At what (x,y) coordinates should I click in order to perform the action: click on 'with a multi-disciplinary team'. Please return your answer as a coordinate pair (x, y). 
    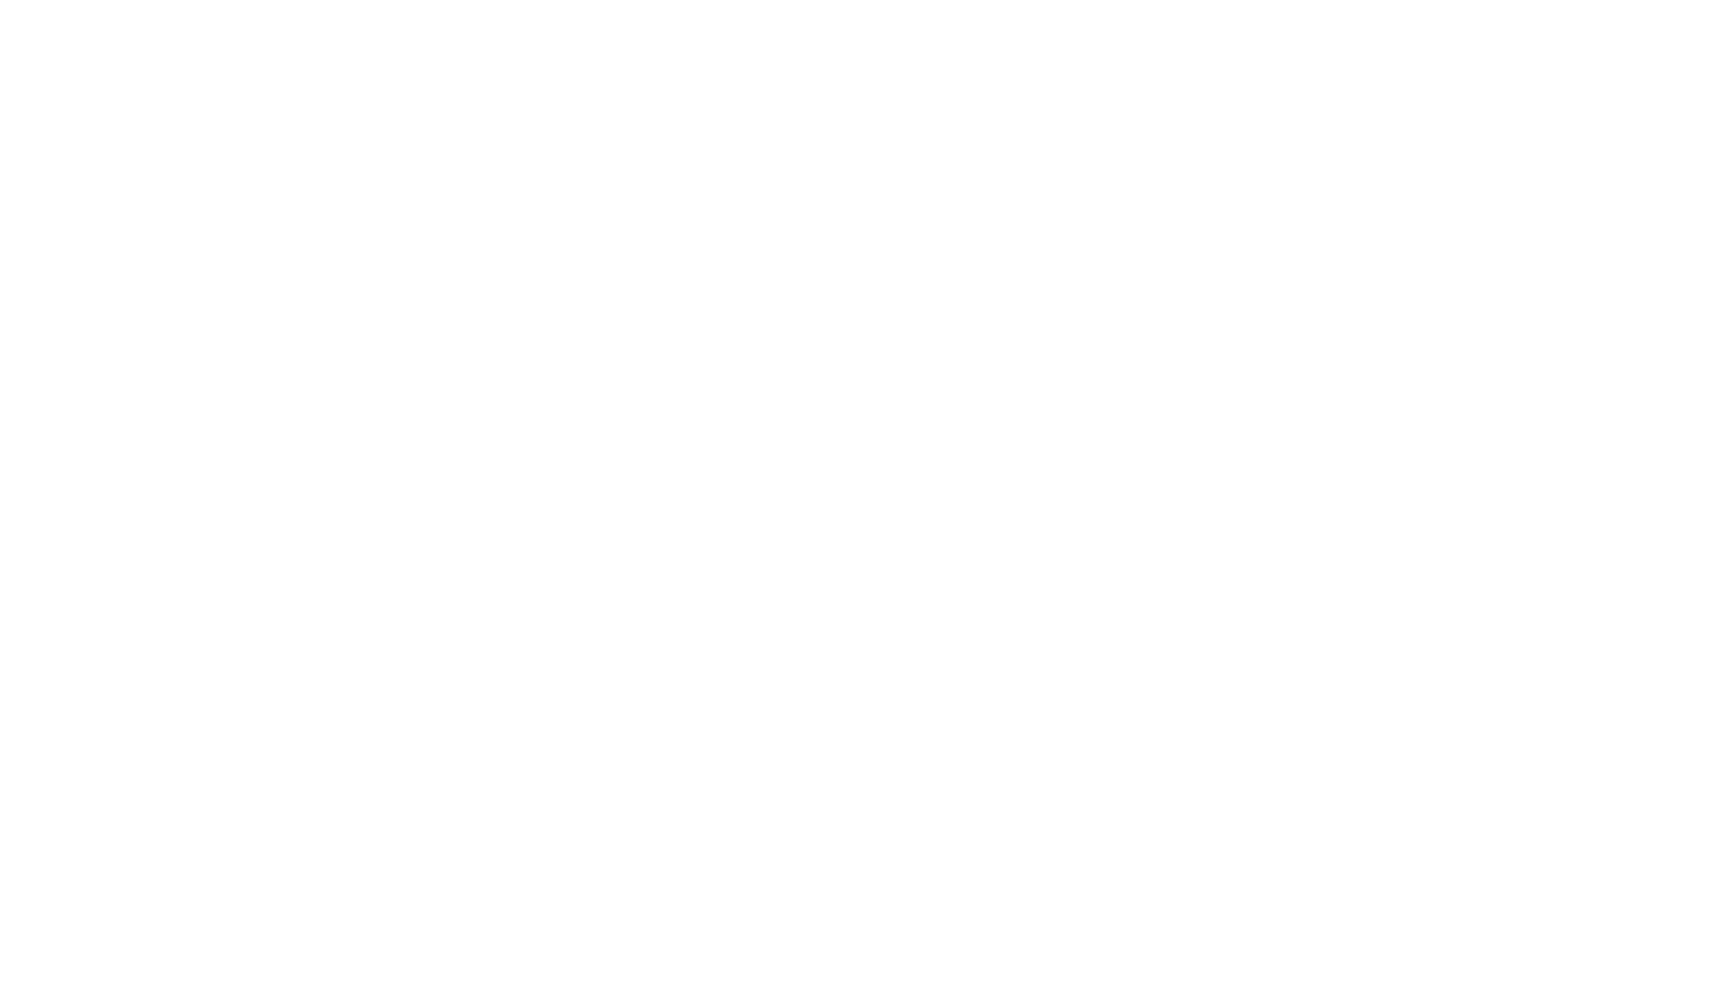
    Looking at the image, I should click on (262, 366).